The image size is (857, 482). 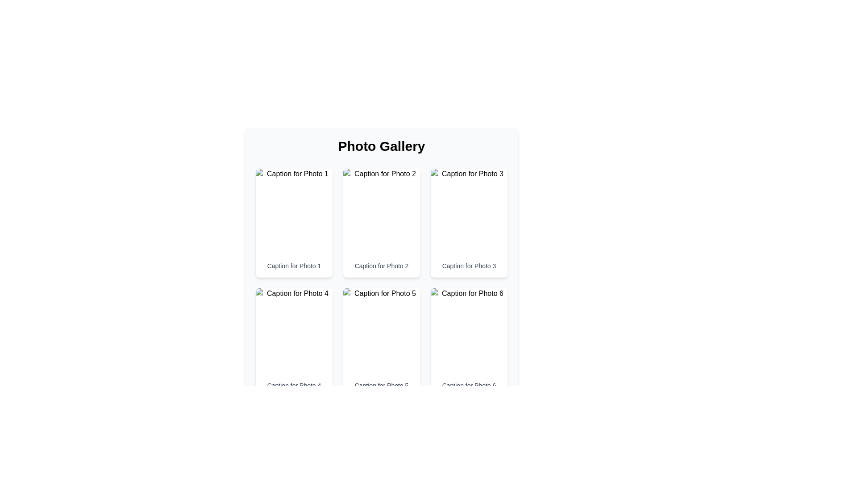 What do you see at coordinates (469, 331) in the screenshot?
I see `the image display area located in the sixth column of the gallery layout, which visually represents a photographic item above the caption 'Caption for Photo 6'` at bounding box center [469, 331].